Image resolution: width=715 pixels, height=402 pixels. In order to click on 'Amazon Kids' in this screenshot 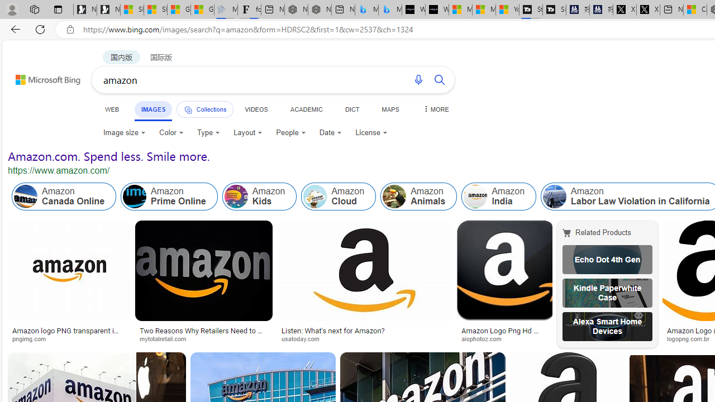, I will do `click(235, 196)`.